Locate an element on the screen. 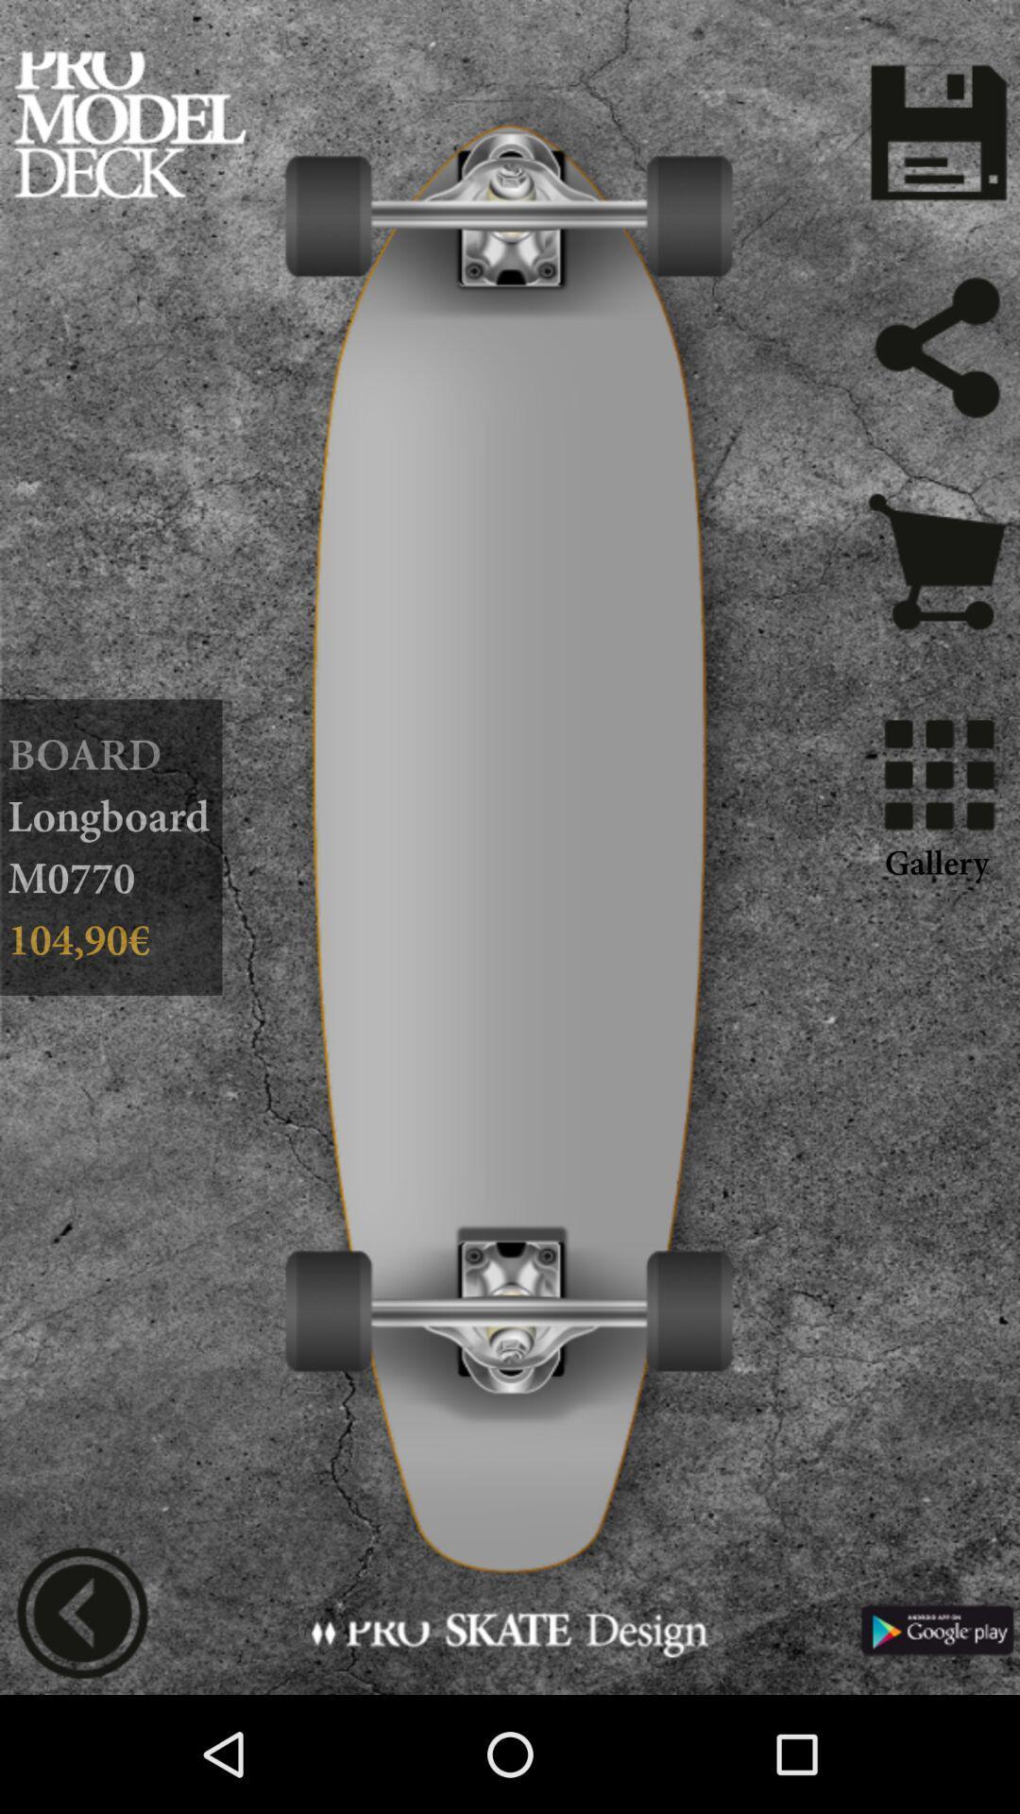  the dialpad icon is located at coordinates (937, 820).